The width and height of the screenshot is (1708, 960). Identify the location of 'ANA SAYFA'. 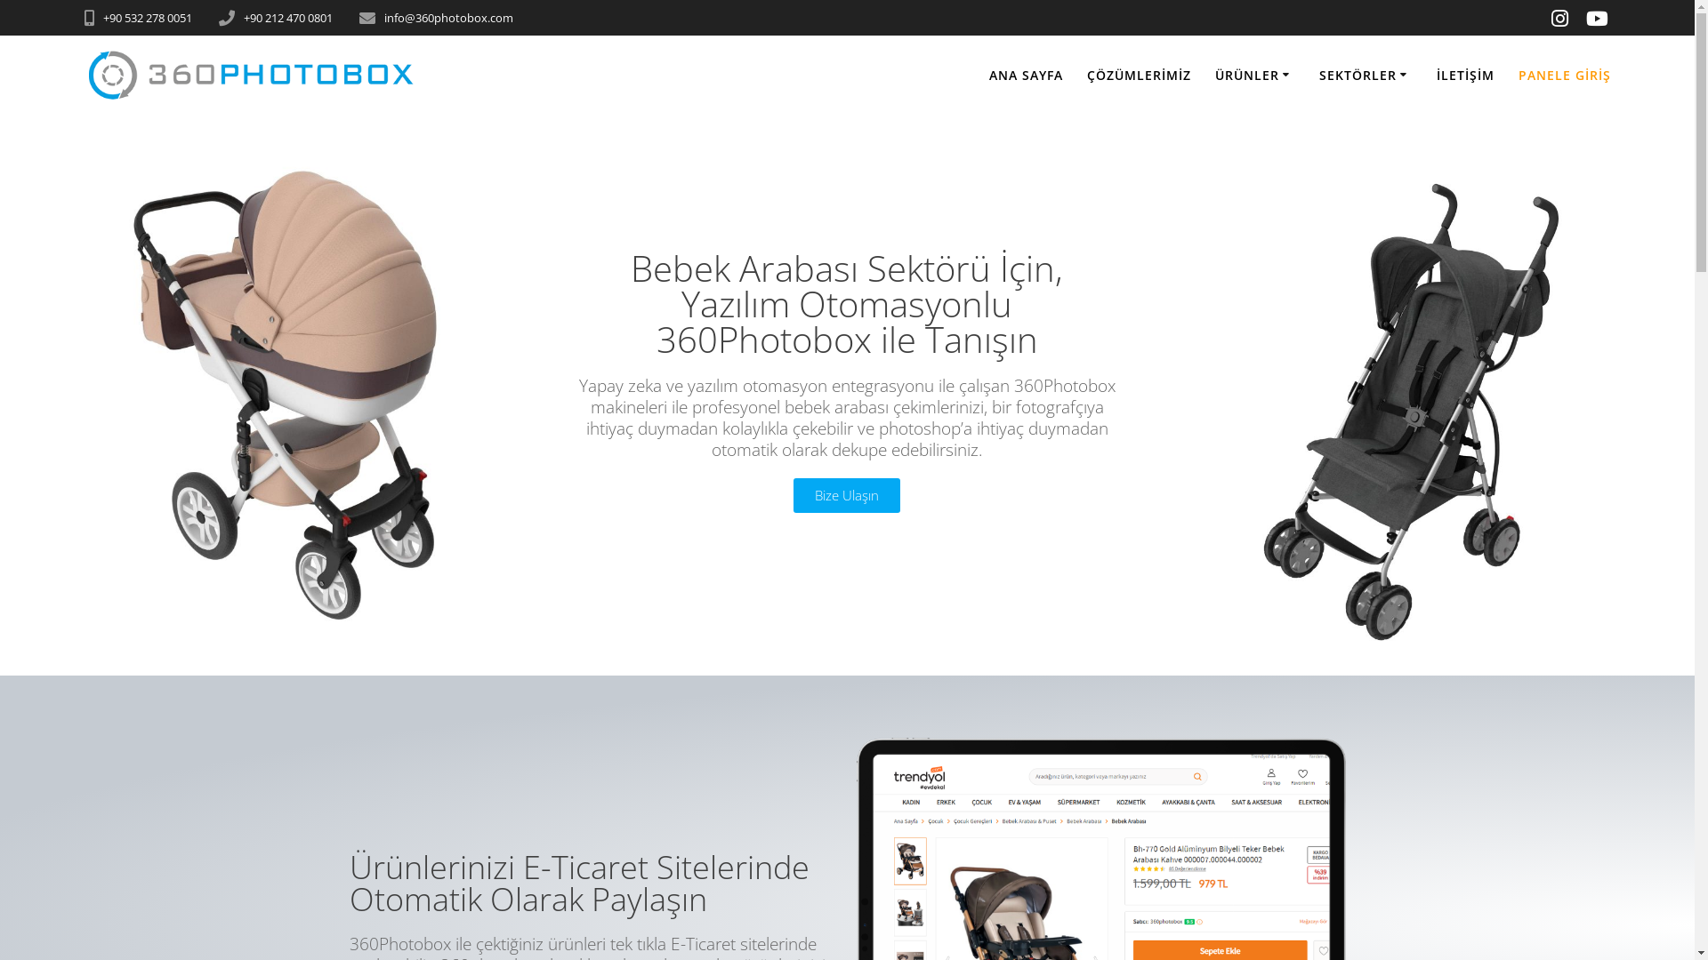
(1026, 74).